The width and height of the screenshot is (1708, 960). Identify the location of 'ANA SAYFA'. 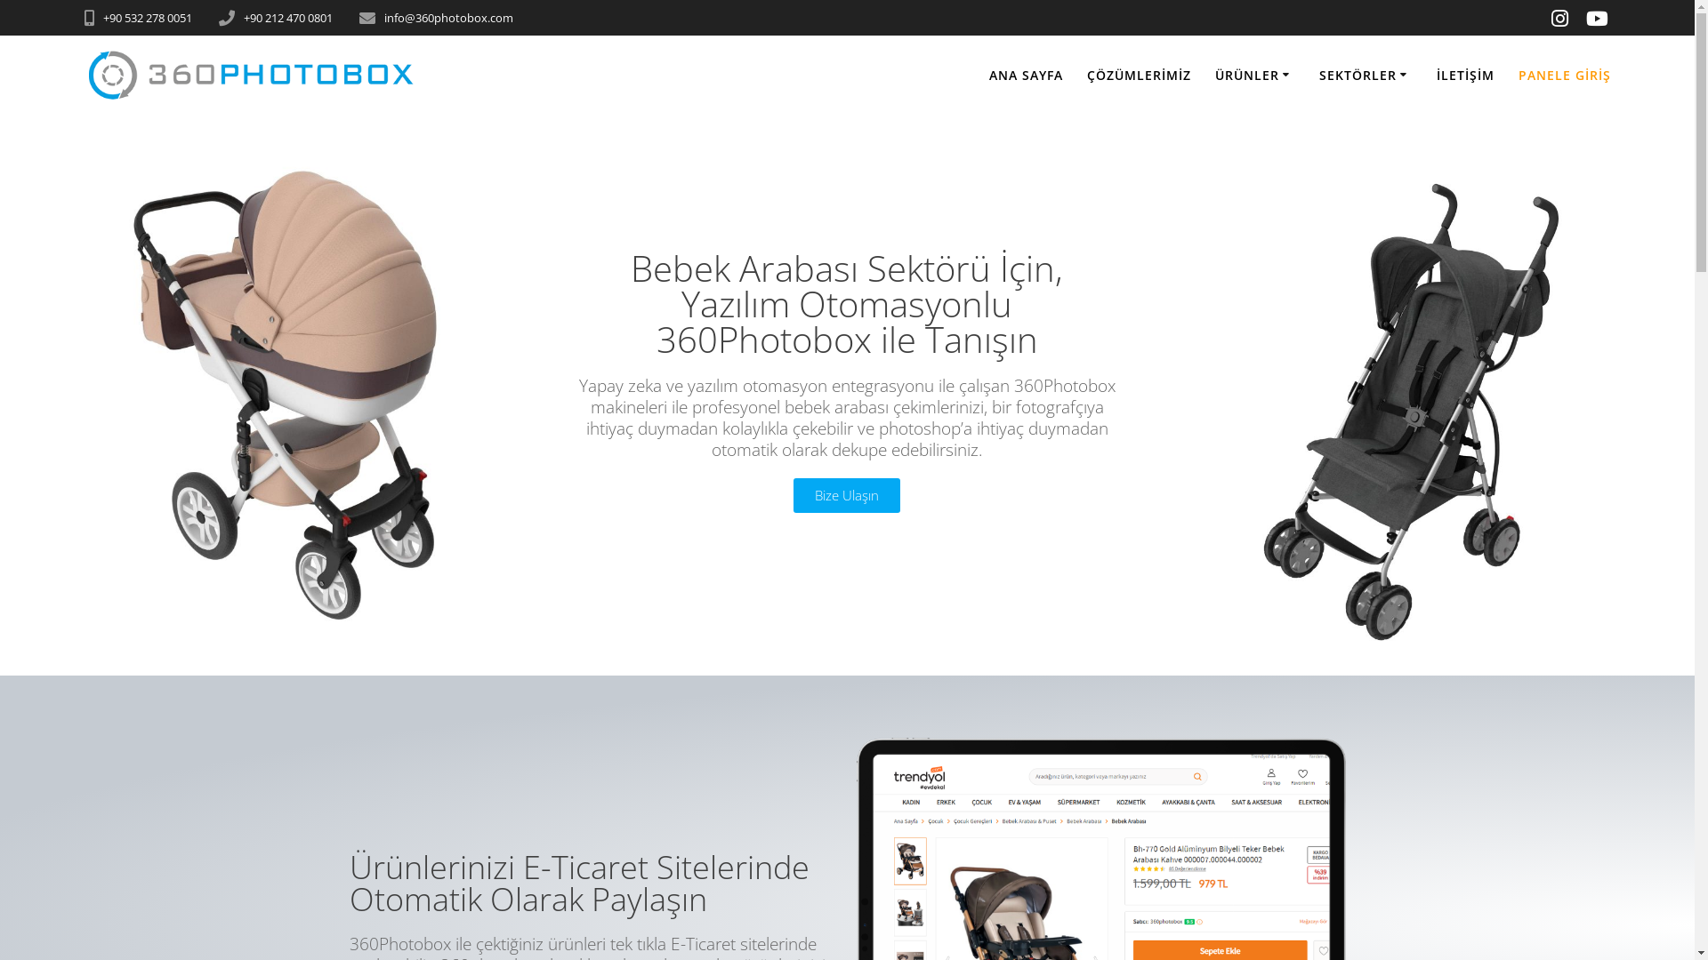
(1026, 74).